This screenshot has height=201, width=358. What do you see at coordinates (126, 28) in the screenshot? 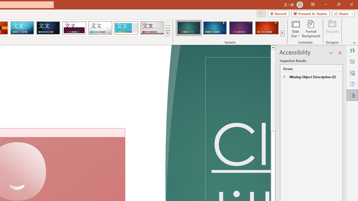
I see `'Frame'` at bounding box center [126, 28].